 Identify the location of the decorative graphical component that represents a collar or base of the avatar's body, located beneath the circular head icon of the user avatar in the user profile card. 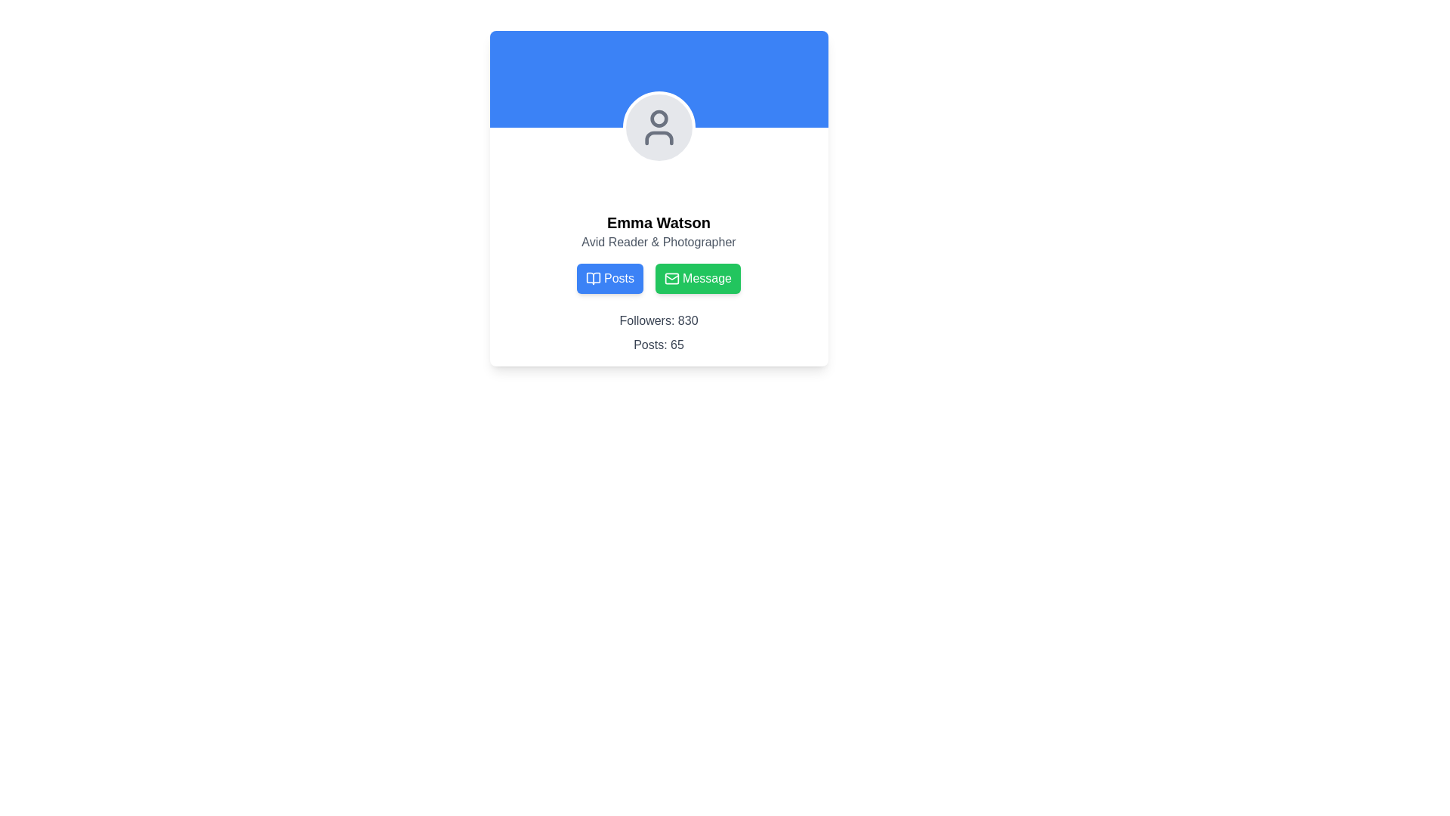
(659, 138).